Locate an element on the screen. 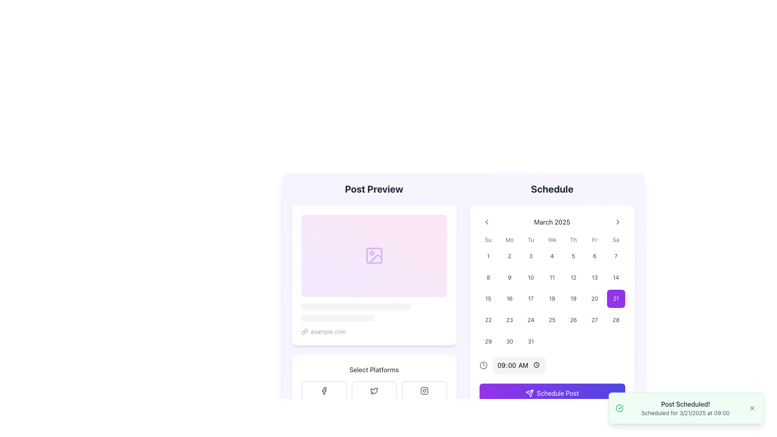  the day button located in the calendar interface, specifically the fourth item in the sixth row under the 'Schedule' section is located at coordinates (552, 319).